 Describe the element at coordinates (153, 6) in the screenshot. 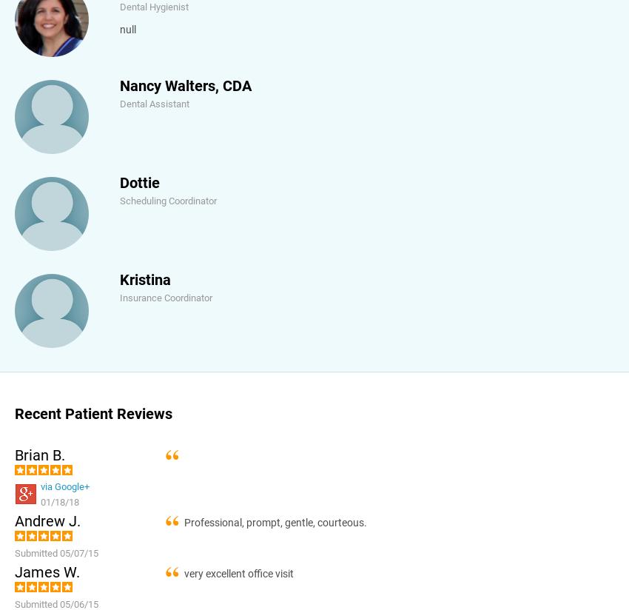

I see `'Dental Hygienist'` at that location.